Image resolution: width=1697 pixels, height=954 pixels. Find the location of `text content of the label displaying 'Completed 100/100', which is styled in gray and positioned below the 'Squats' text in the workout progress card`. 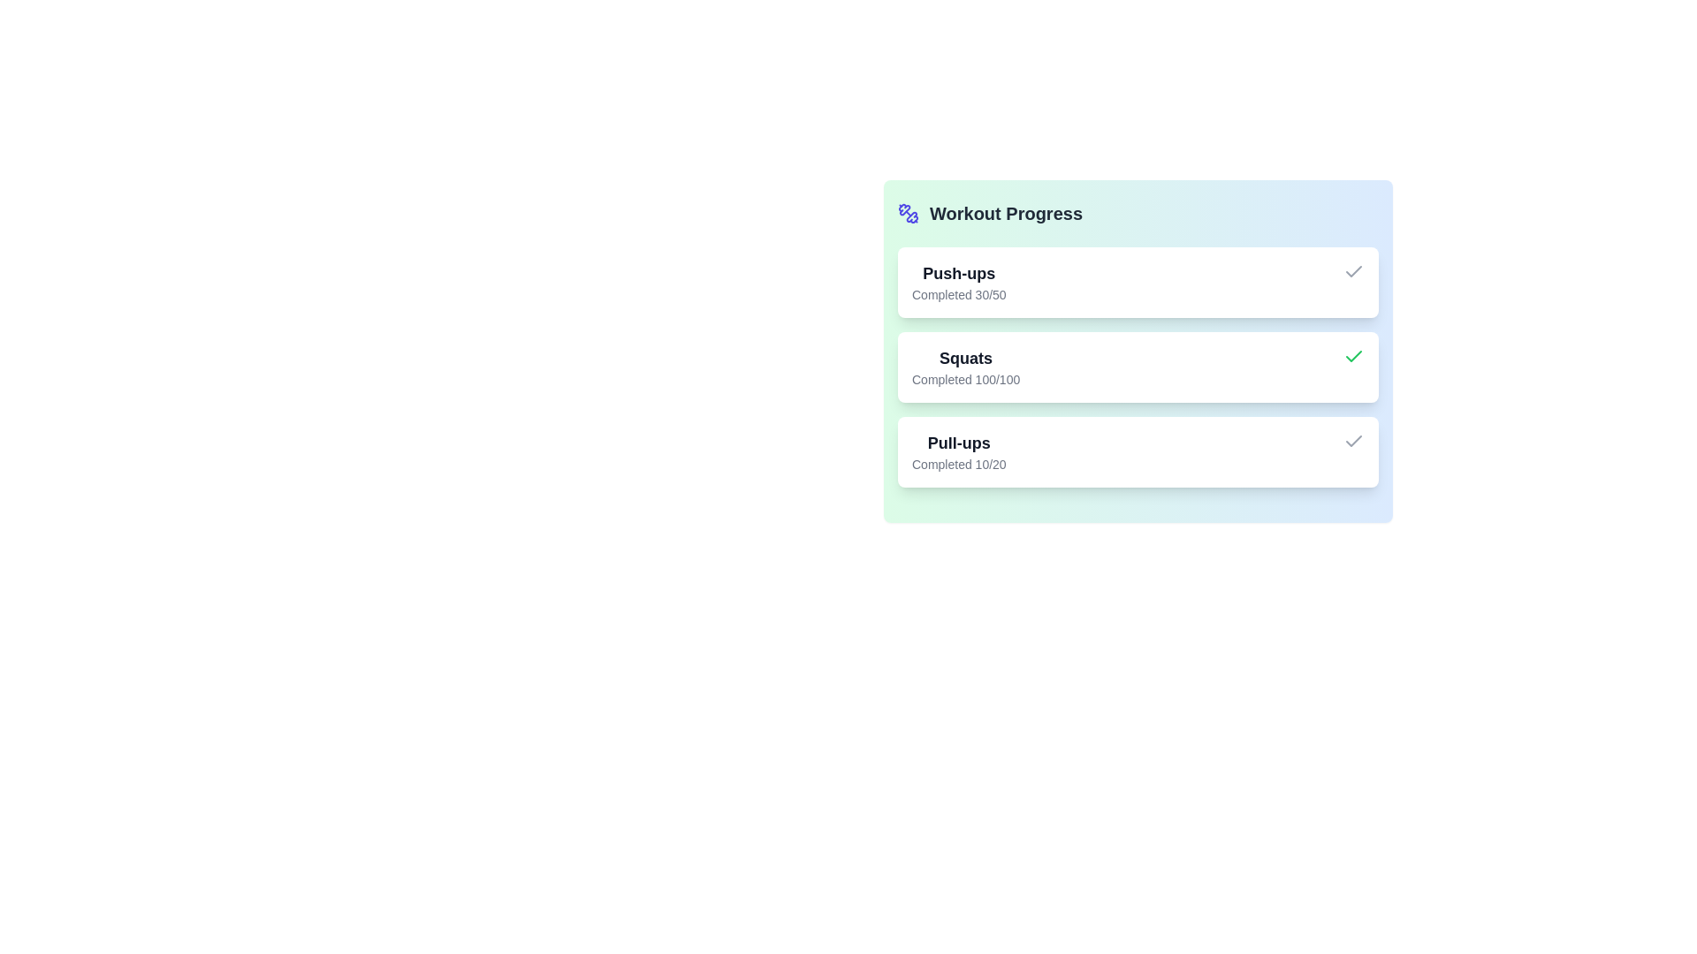

text content of the label displaying 'Completed 100/100', which is styled in gray and positioned below the 'Squats' text in the workout progress card is located at coordinates (965, 378).